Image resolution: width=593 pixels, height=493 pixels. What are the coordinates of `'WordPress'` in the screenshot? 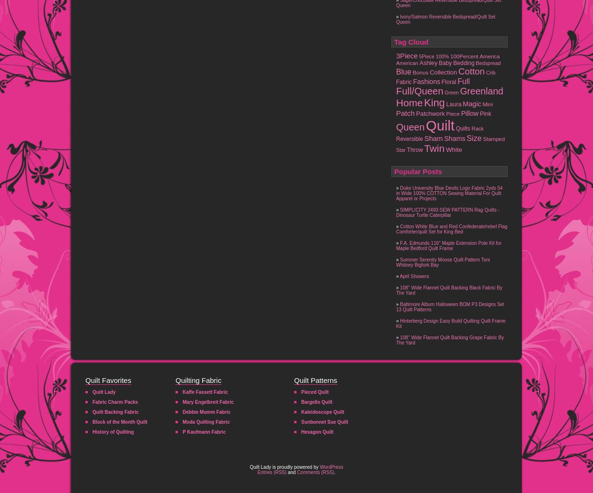 It's located at (331, 467).